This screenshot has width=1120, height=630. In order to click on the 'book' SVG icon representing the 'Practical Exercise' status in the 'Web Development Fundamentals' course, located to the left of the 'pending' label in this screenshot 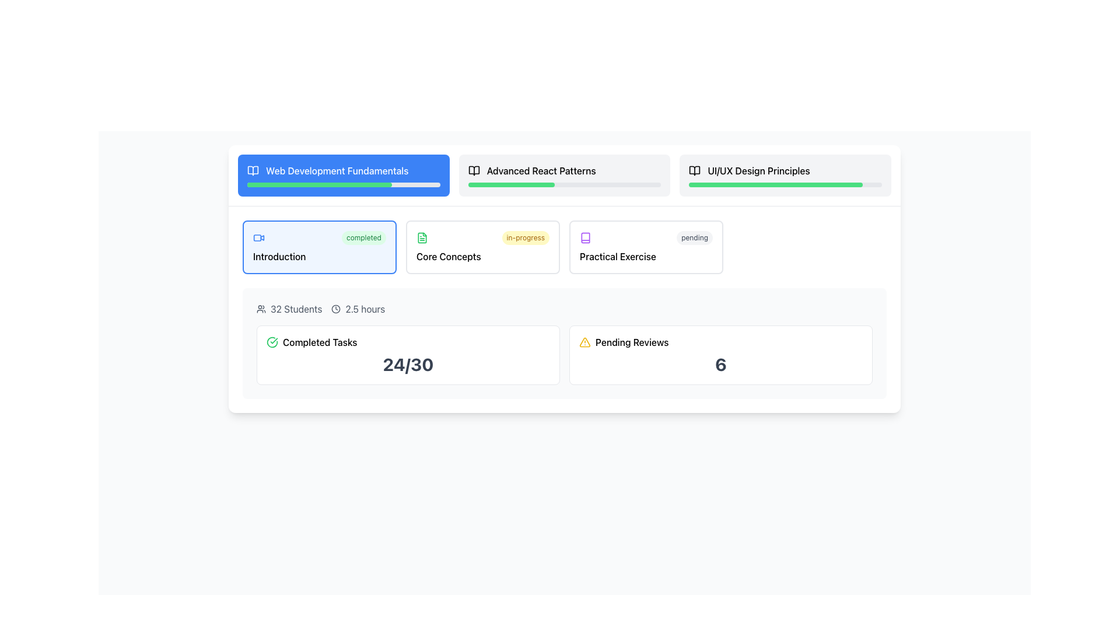, I will do `click(585, 237)`.